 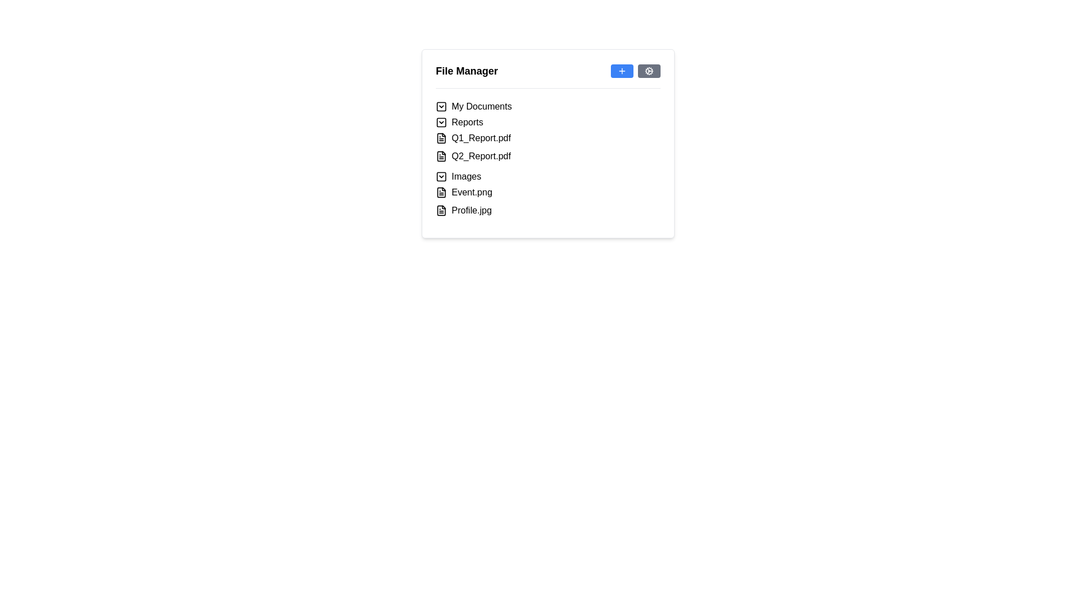 What do you see at coordinates (548, 191) in the screenshot?
I see `on the file representation entry labeled 'Event.png' in the Images category` at bounding box center [548, 191].